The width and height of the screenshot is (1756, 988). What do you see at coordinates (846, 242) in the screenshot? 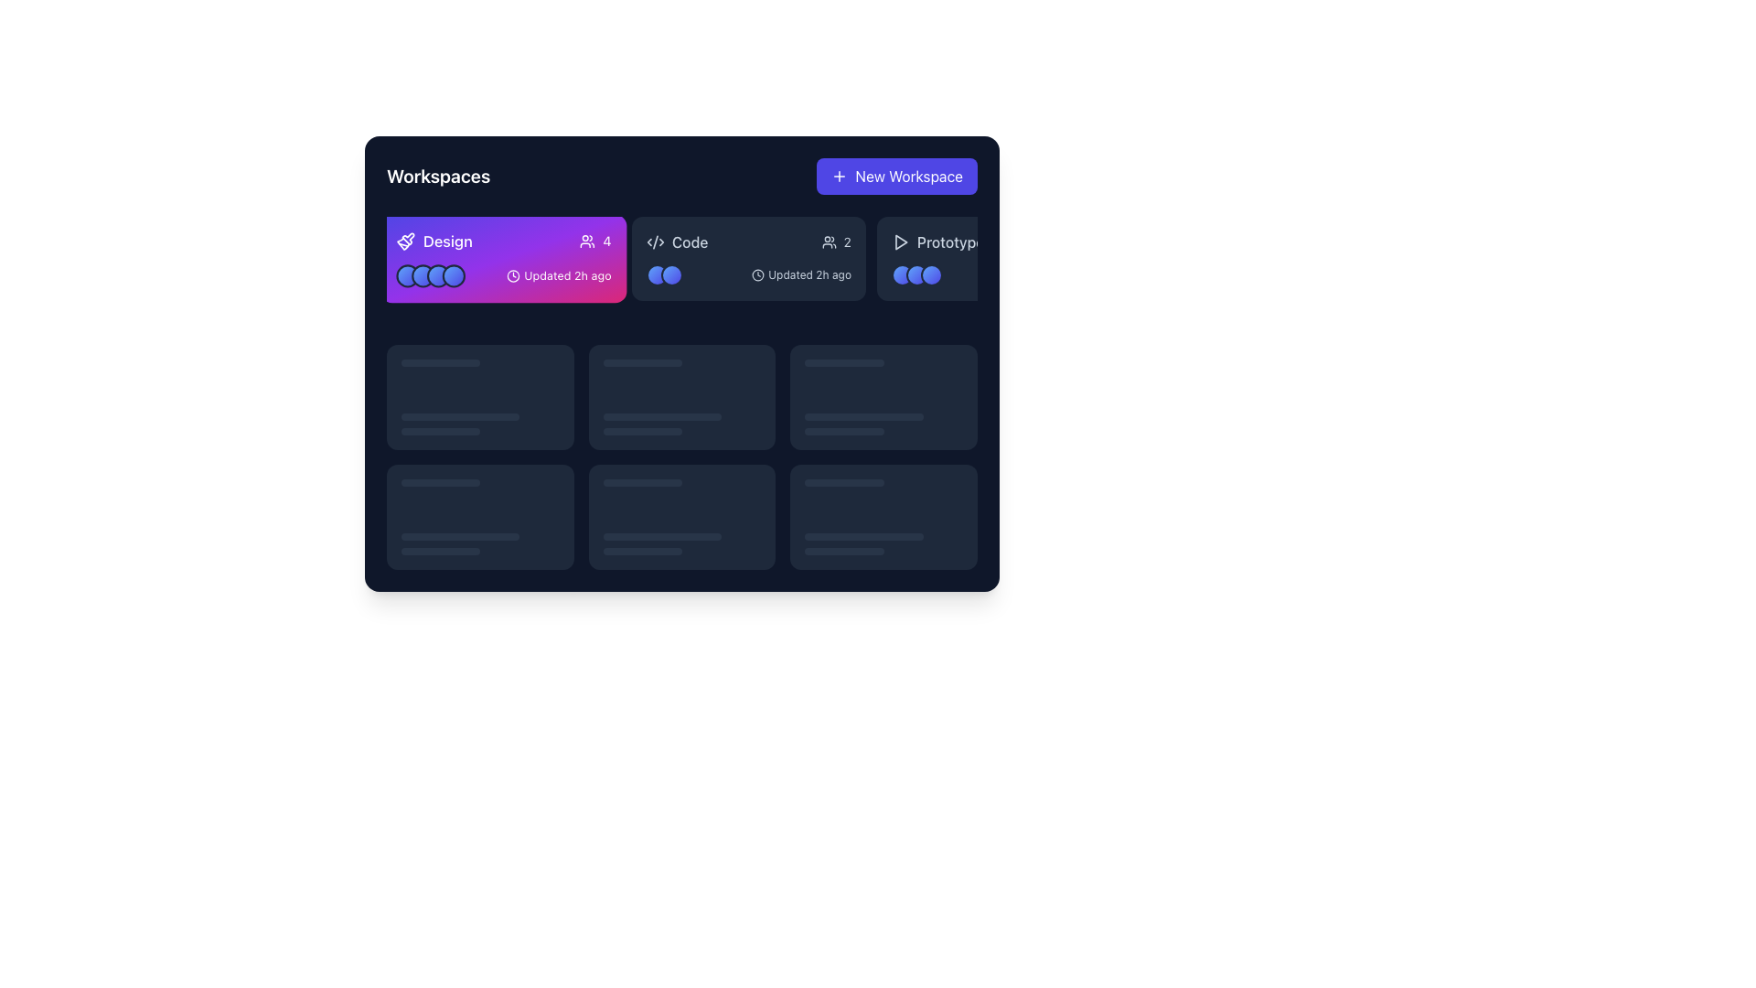
I see `the text label displaying the numeric value in the top-right corner of the 'Code' workspace section, which is aligned beside the group icon` at bounding box center [846, 242].